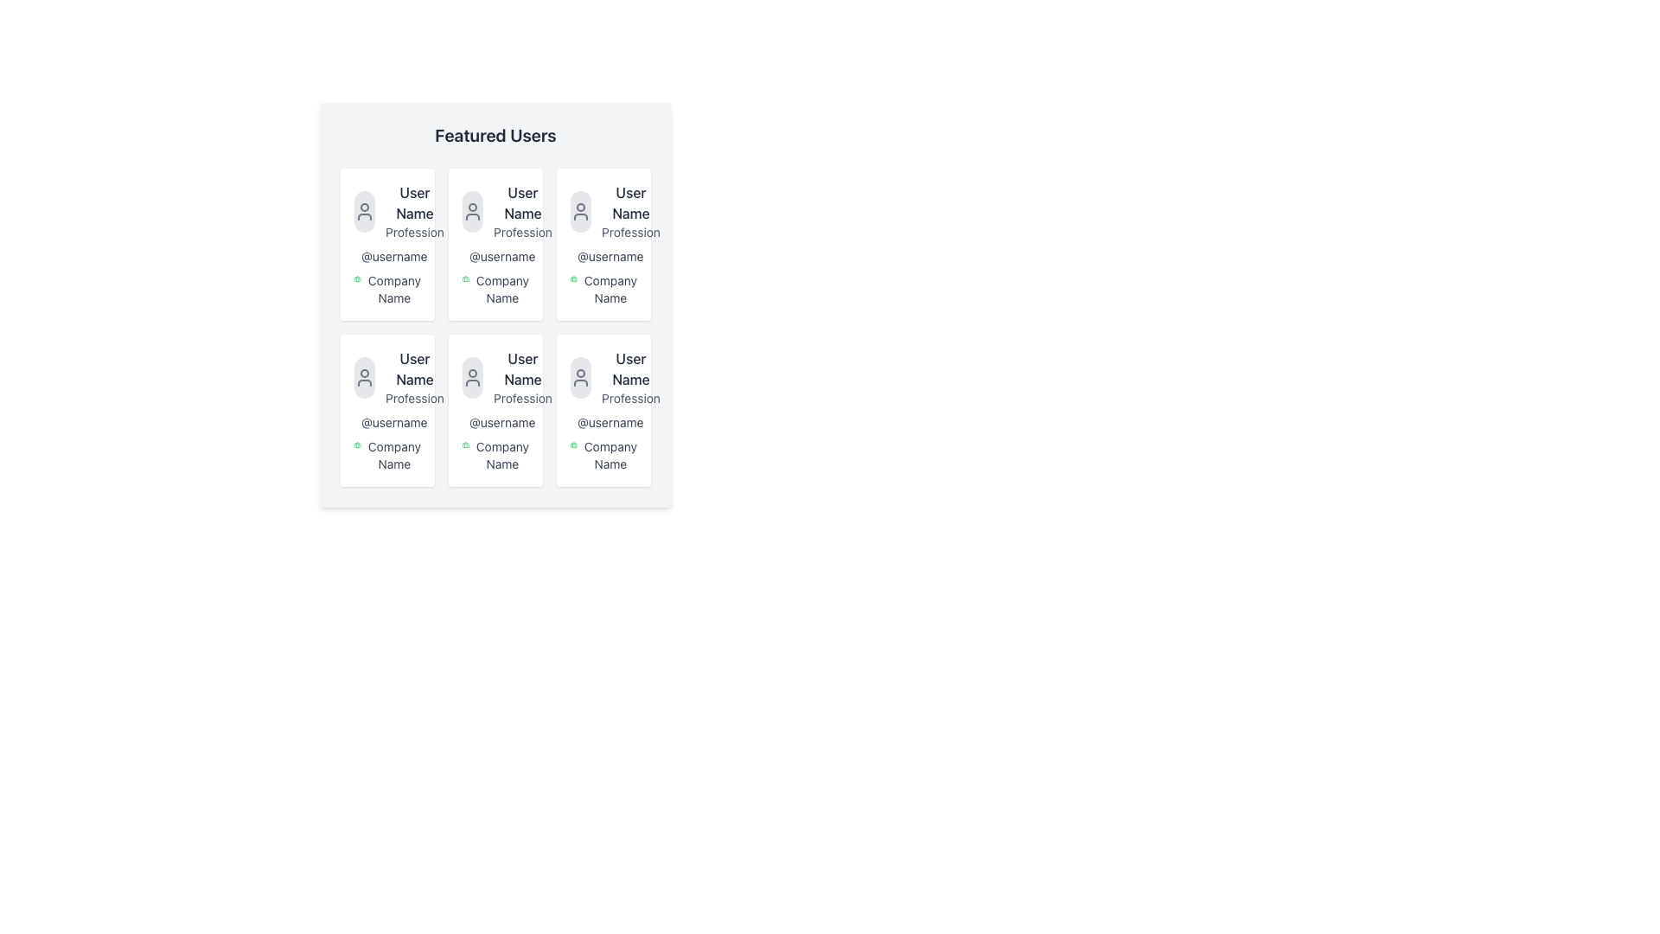 This screenshot has height=934, width=1660. I want to click on on the text block displaying 'User Name' and 'Profession' in the first user profile card of the top-left corner in the 2x3 grid, so click(415, 211).